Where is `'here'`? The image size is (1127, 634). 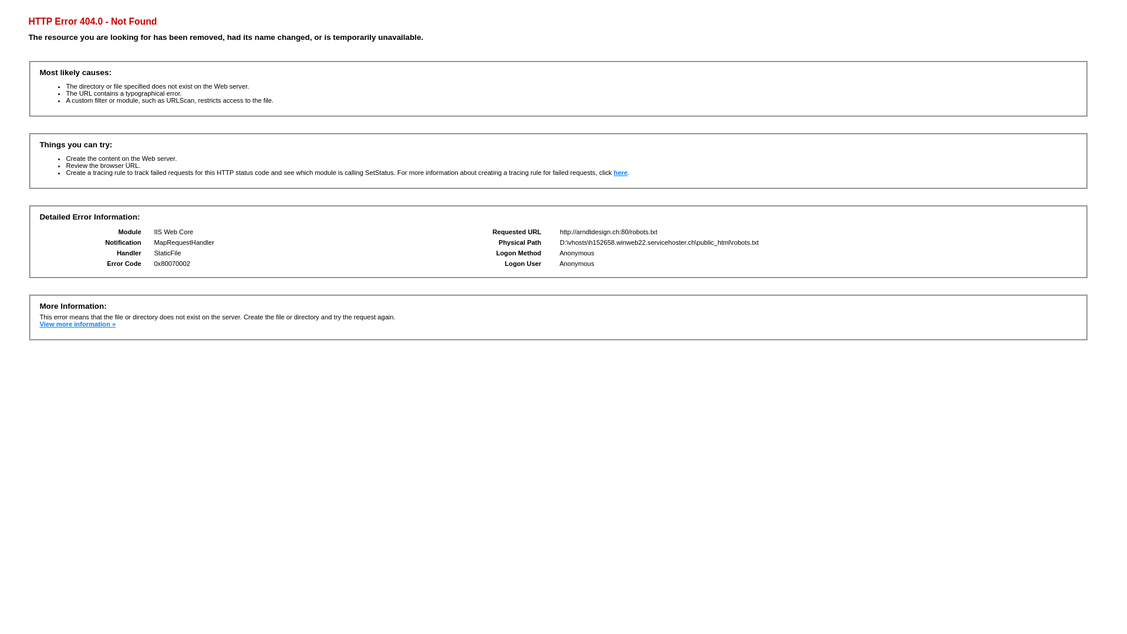 'here' is located at coordinates (613, 172).